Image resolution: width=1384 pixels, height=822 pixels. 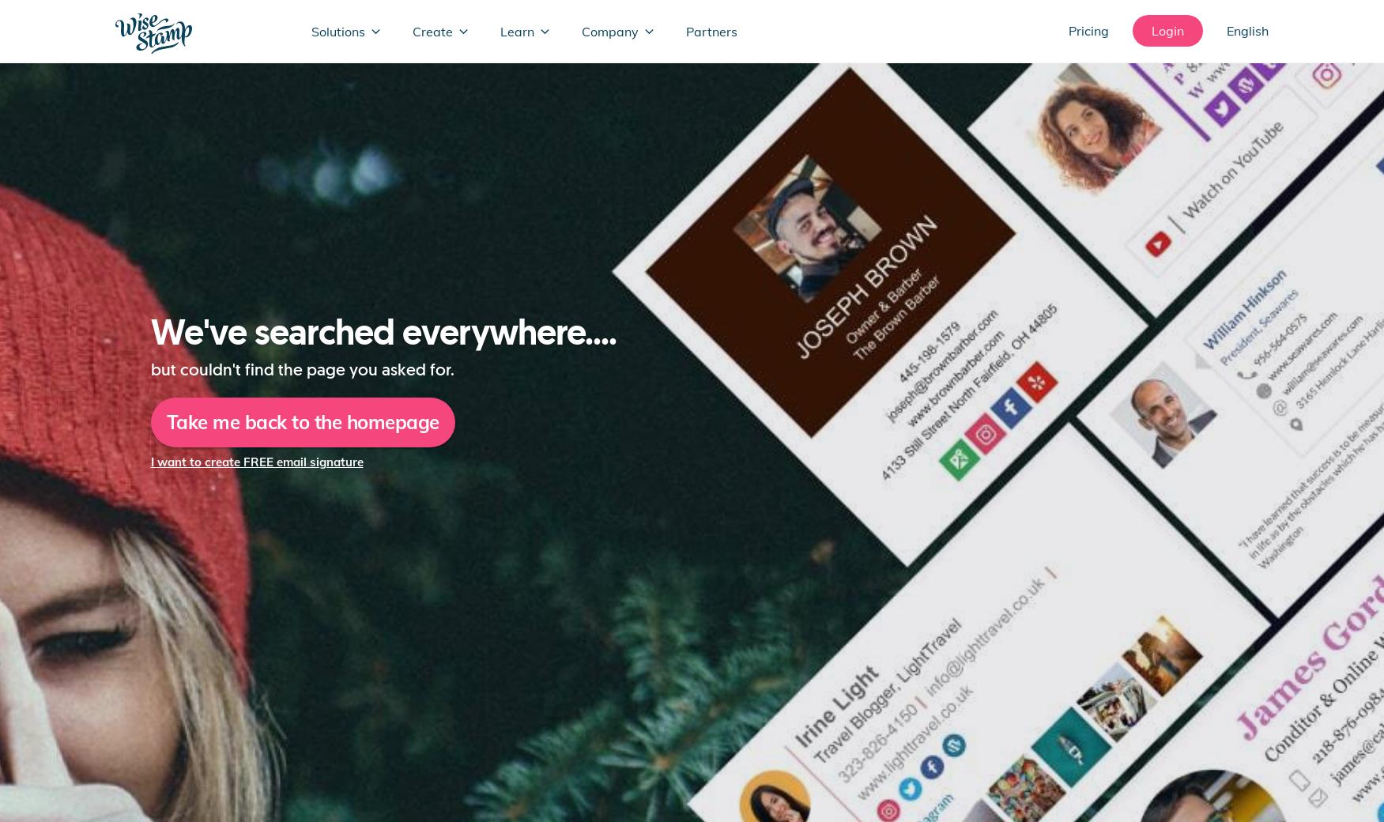 I want to click on 'Partners', so click(x=710, y=31).